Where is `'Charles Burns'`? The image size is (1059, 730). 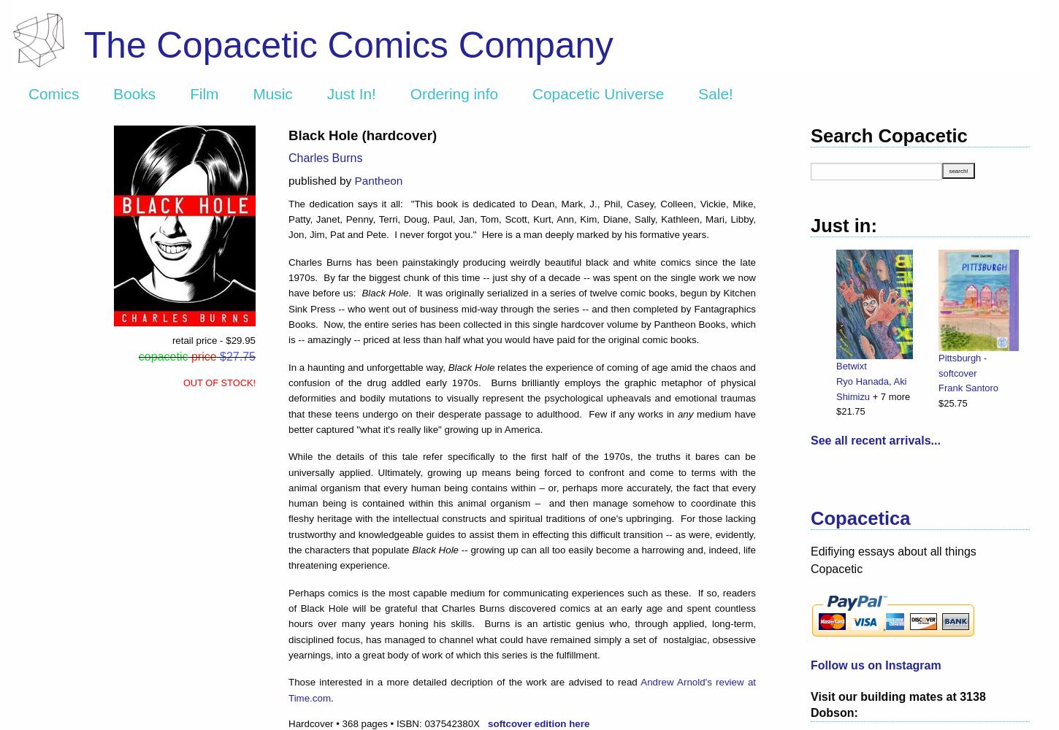 'Charles Burns' is located at coordinates (324, 157).